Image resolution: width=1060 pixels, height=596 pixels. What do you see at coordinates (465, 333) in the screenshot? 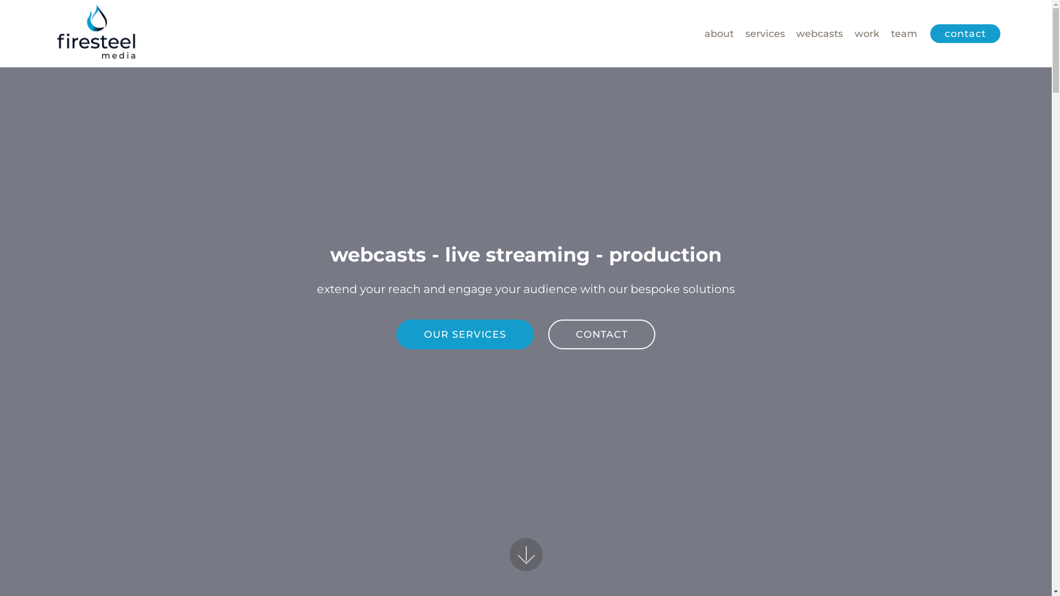
I see `'OUR SERVICES'` at bounding box center [465, 333].